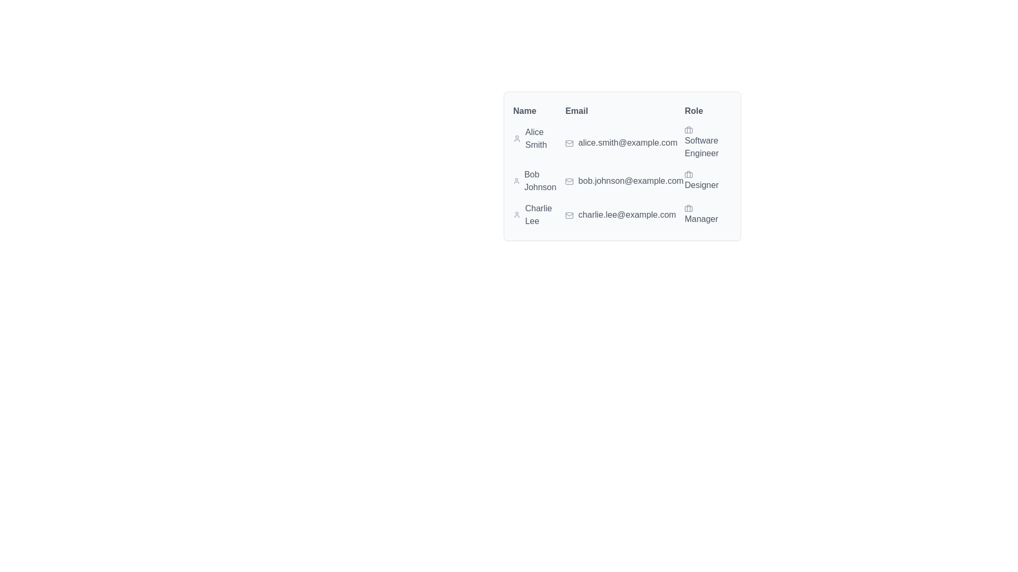 Image resolution: width=1018 pixels, height=572 pixels. What do you see at coordinates (624, 143) in the screenshot?
I see `text of the email label displaying the email address associated with 'Alice Smith' in the second column of the table` at bounding box center [624, 143].